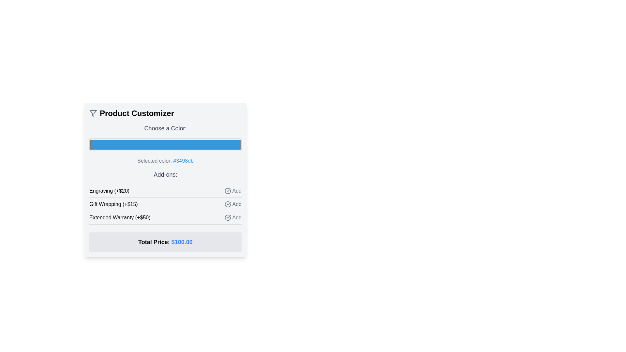 This screenshot has width=626, height=352. What do you see at coordinates (113, 204) in the screenshot?
I see `the text label 'Gift Wrapping (+$15)' located in the second row of the add-on options within the product customization modal, positioned to the left of the 'Add' button` at bounding box center [113, 204].